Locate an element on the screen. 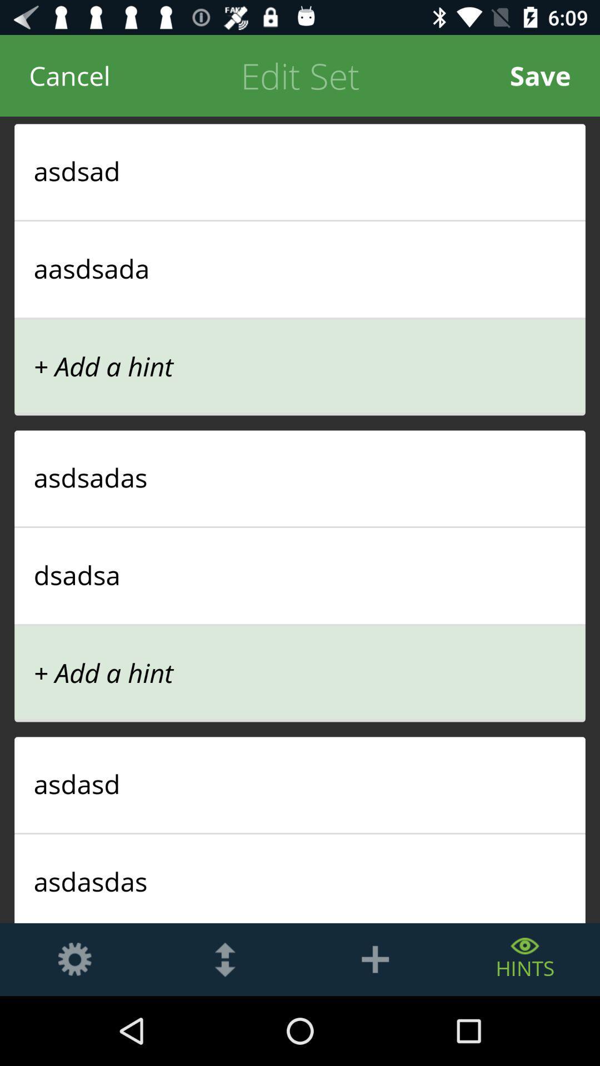  cancel is located at coordinates (69, 75).